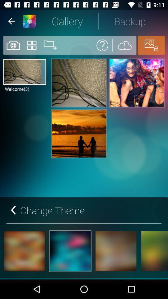 The width and height of the screenshot is (168, 299). I want to click on the help icon, so click(102, 45).